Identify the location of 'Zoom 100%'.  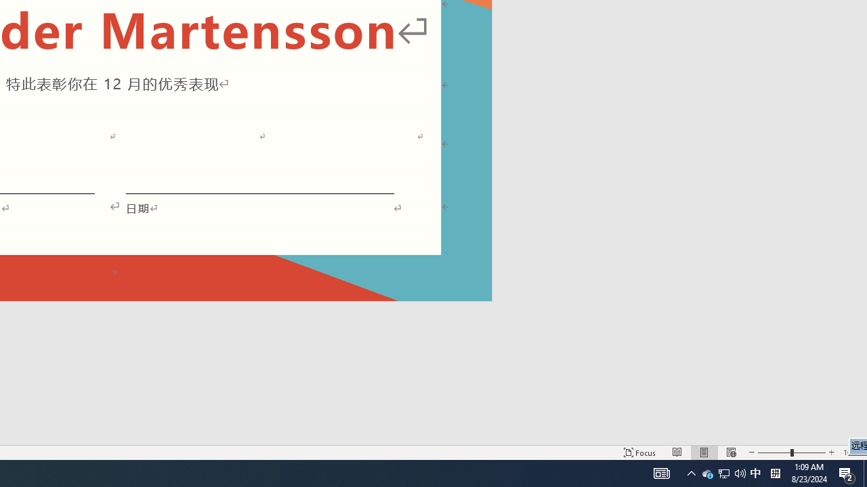
(851, 453).